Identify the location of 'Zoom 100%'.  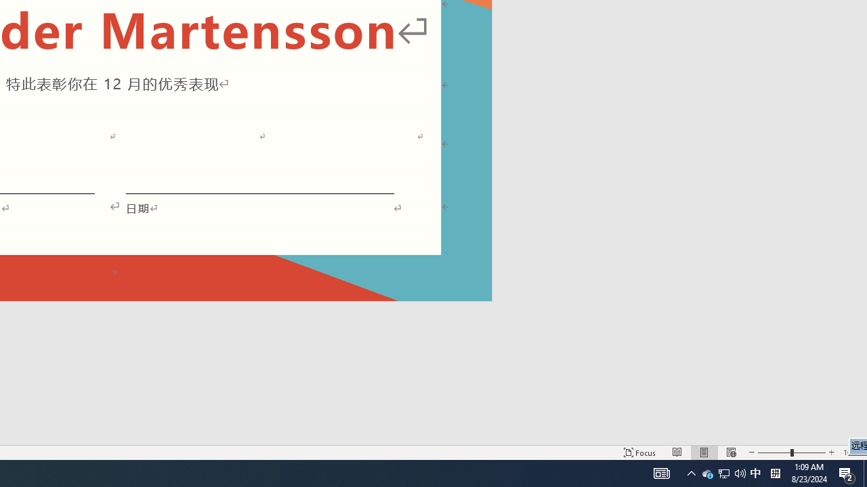
(851, 453).